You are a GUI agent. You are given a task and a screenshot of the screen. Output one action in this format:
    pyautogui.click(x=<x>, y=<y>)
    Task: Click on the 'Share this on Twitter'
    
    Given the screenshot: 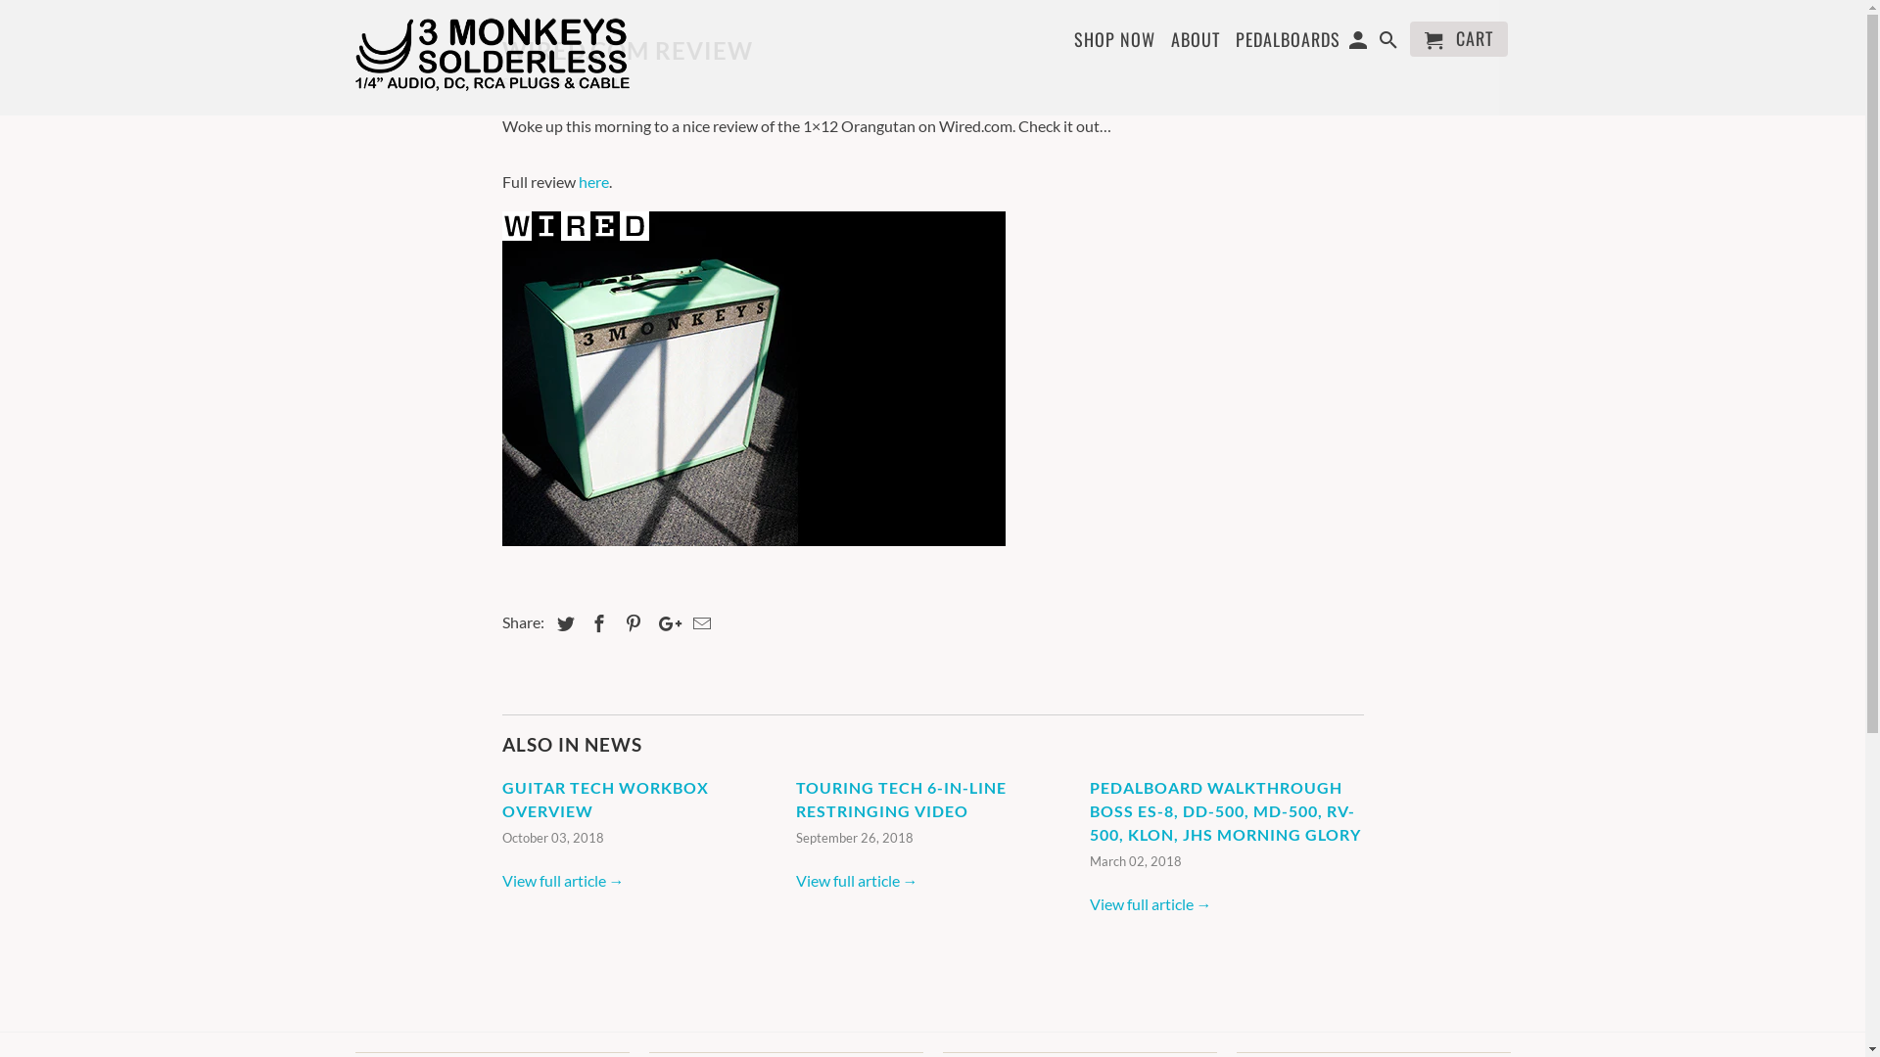 What is the action you would take?
    pyautogui.click(x=561, y=622)
    